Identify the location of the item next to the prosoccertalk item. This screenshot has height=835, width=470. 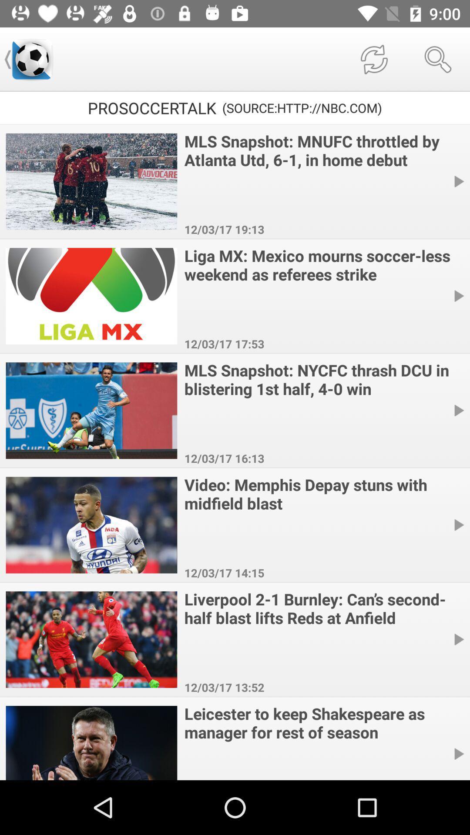
(31, 59).